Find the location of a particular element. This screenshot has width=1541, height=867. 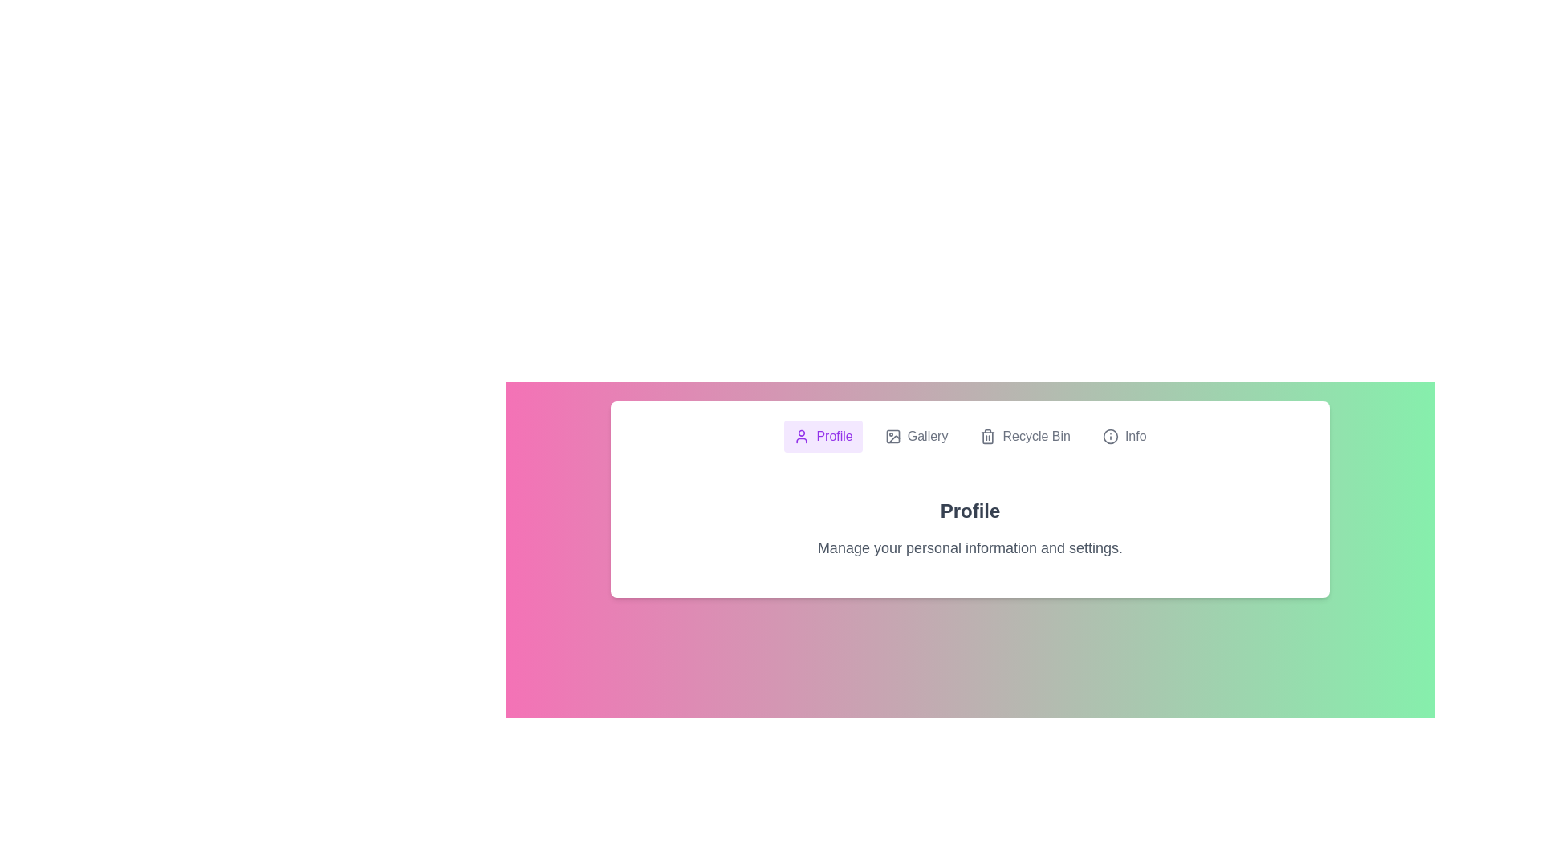

the tab labeled Profile is located at coordinates (823, 436).